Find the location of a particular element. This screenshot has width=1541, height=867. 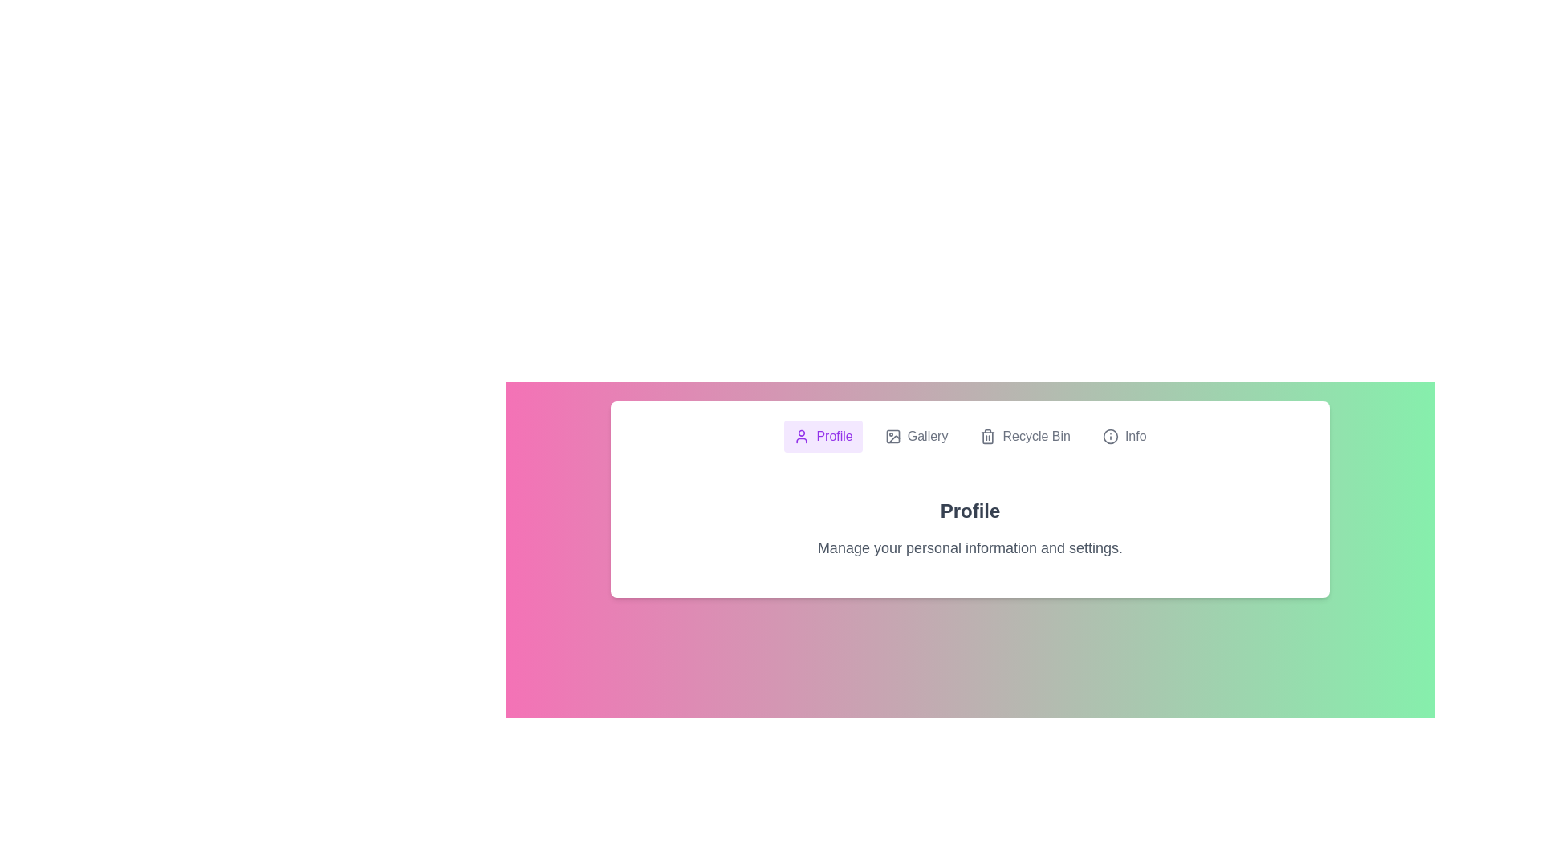

the tab labeled Profile is located at coordinates (823, 436).